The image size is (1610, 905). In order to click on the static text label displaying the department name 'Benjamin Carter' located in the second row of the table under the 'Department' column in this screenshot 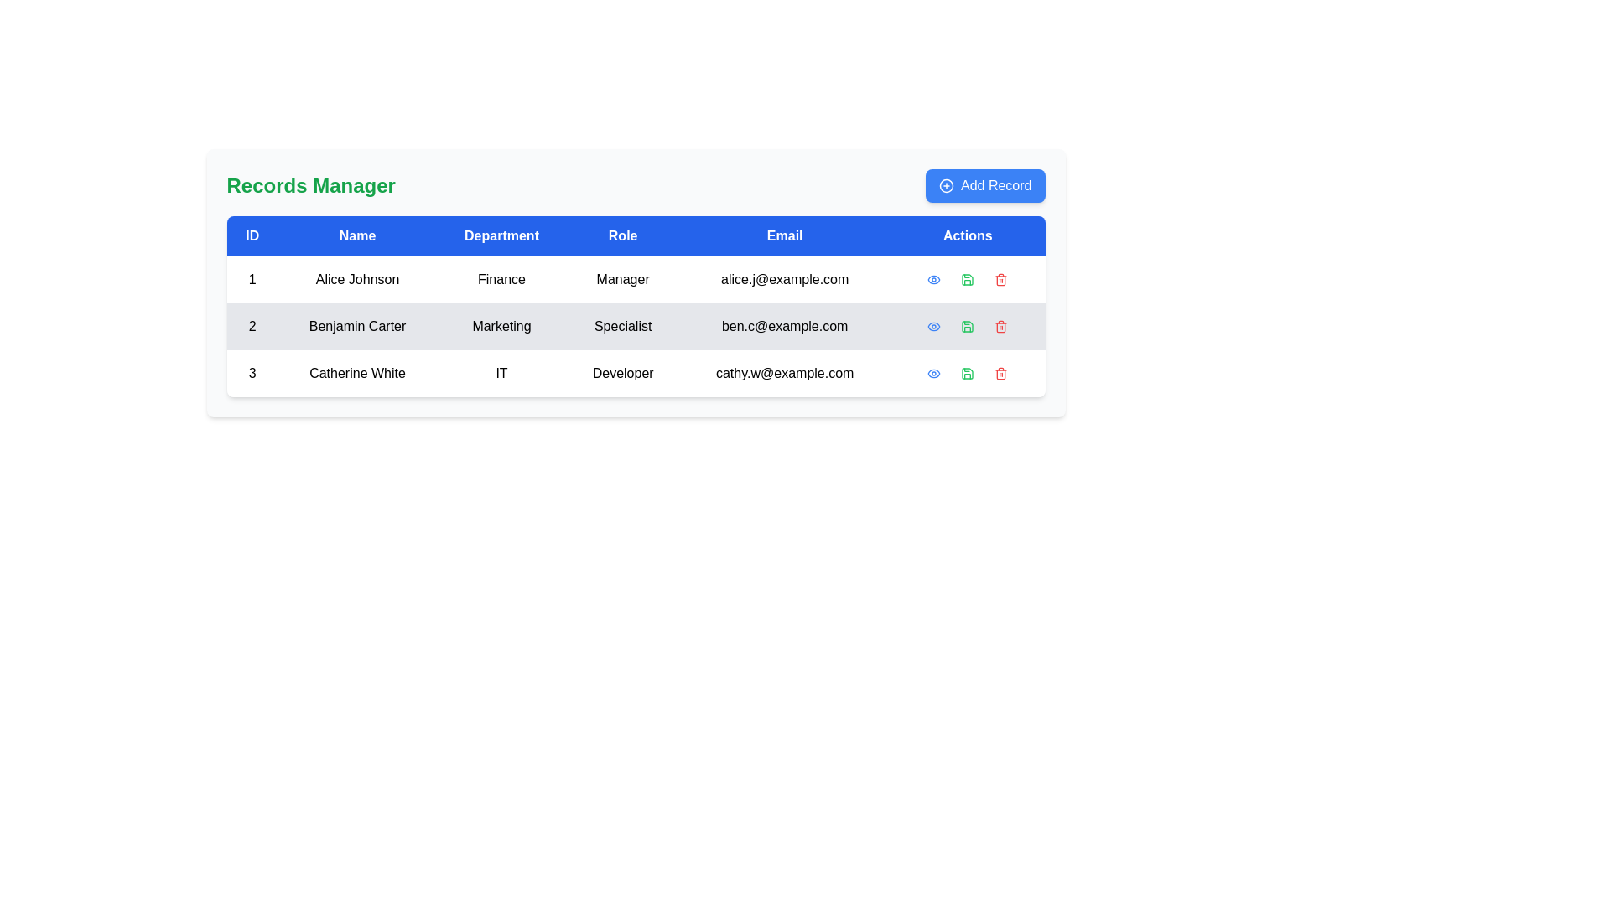, I will do `click(501, 326)`.